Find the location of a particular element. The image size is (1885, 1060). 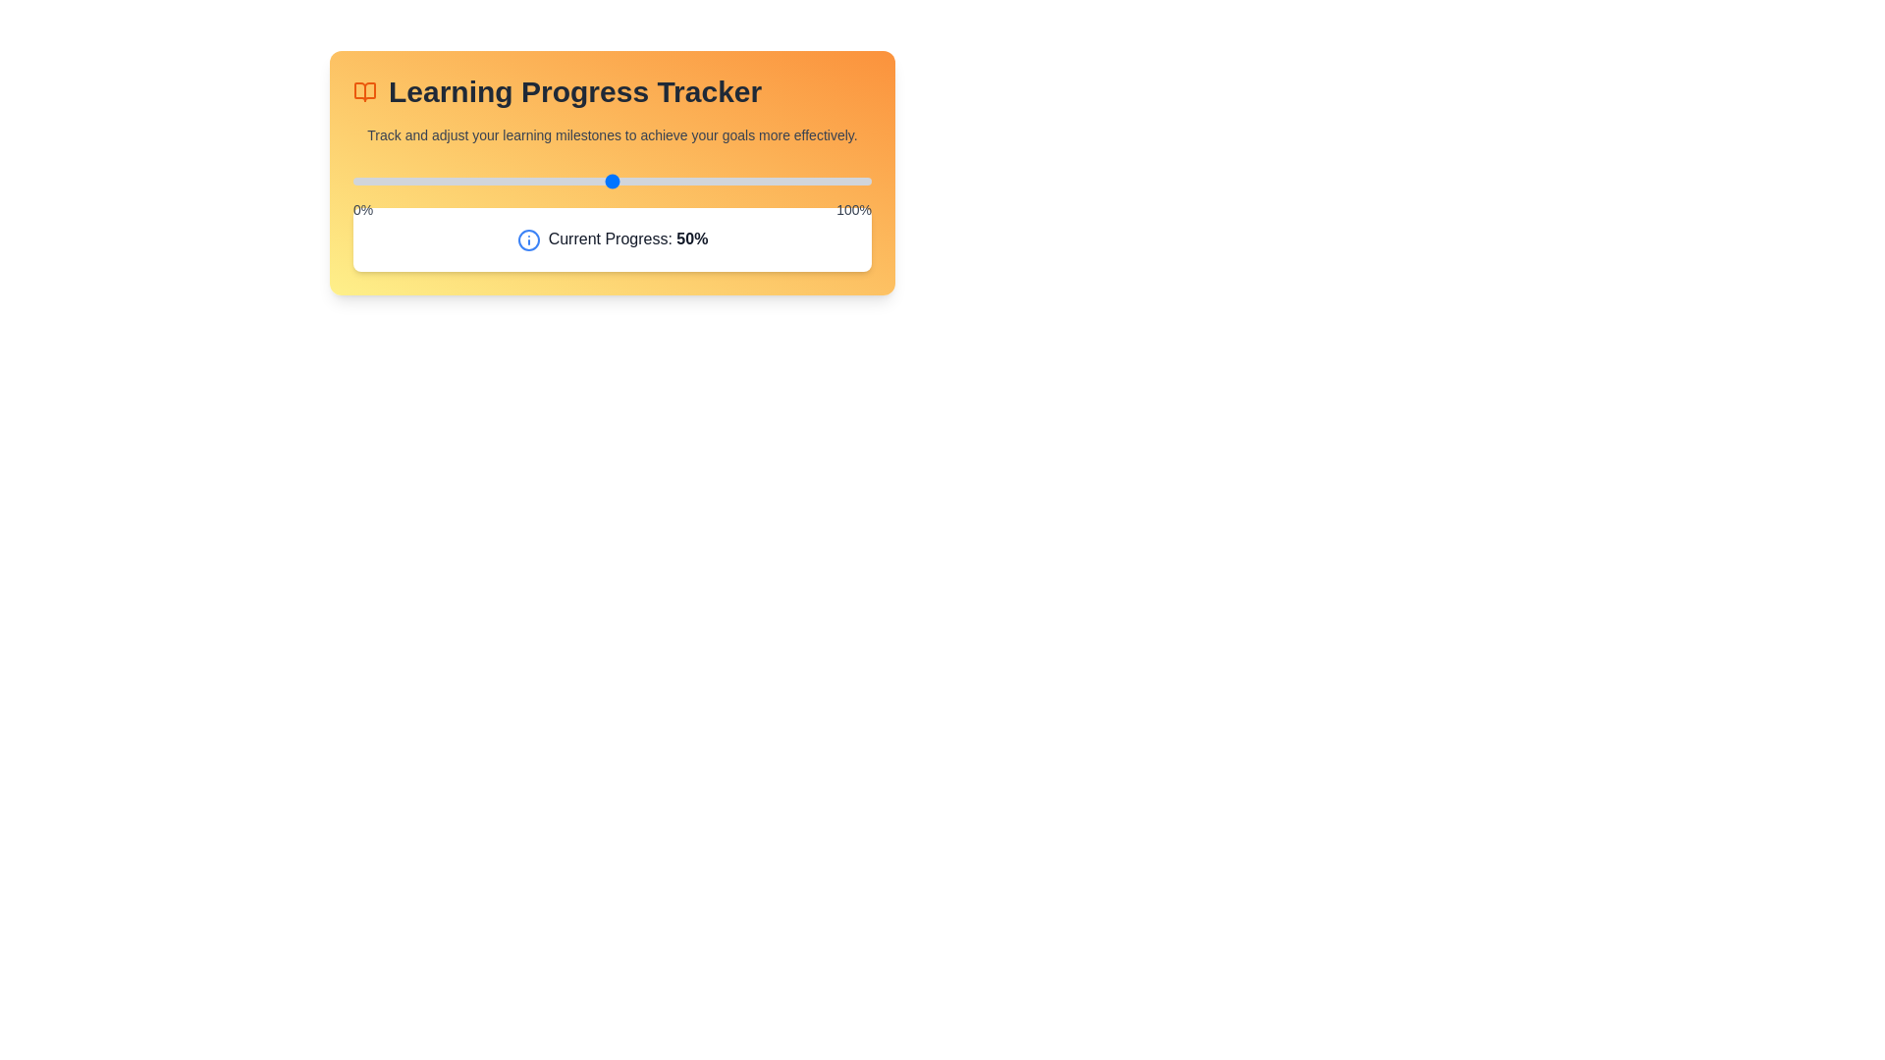

the slider to set progress to 27% is located at coordinates (493, 182).